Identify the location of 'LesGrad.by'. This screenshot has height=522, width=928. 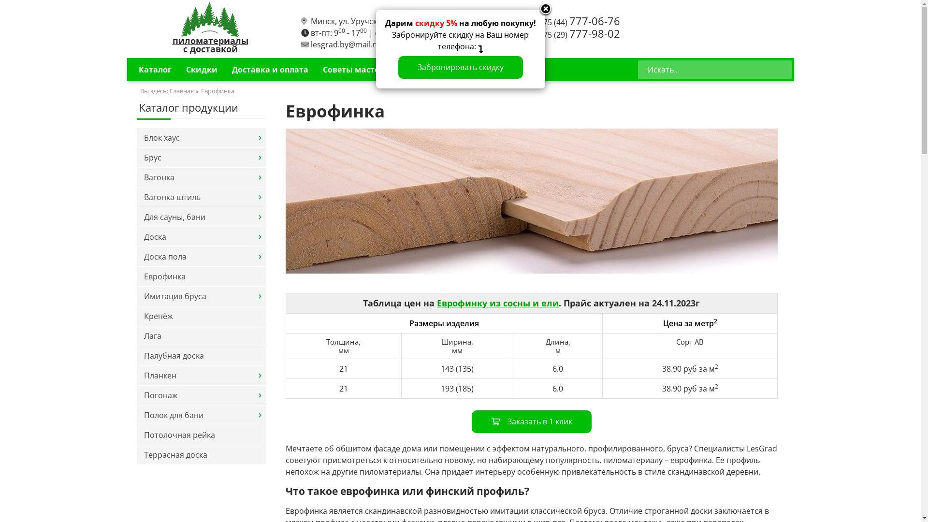
(181, 19).